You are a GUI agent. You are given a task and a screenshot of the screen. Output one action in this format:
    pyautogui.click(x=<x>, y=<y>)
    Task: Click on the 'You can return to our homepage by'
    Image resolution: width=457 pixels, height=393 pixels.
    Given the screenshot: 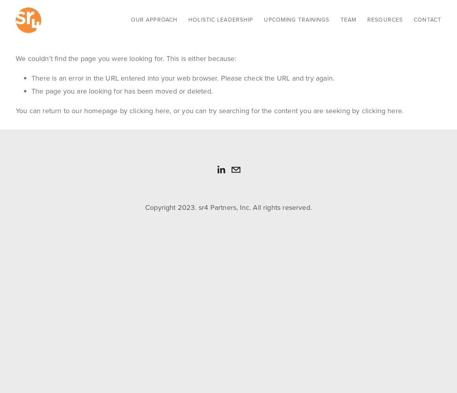 What is the action you would take?
    pyautogui.click(x=15, y=111)
    